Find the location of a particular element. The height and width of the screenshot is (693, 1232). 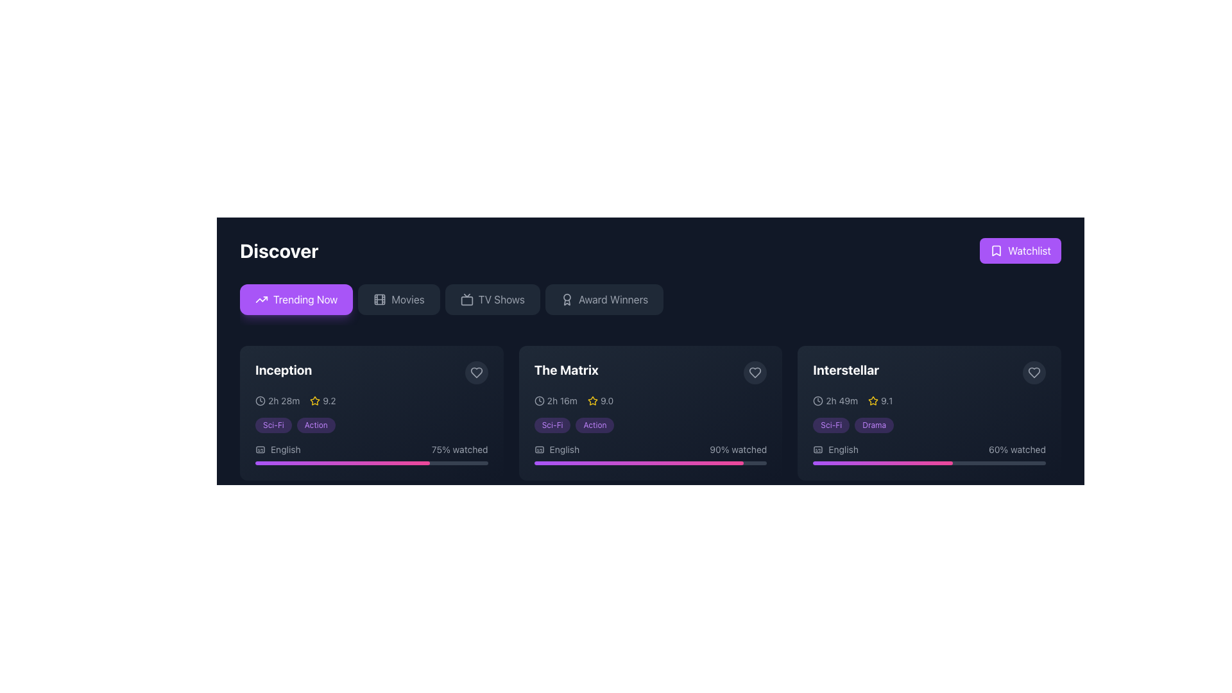

the thin horizontal progress bar styled with a gradient from purple to pink, located below the '75% watched' label for the movie 'Inception' is located at coordinates (371, 463).